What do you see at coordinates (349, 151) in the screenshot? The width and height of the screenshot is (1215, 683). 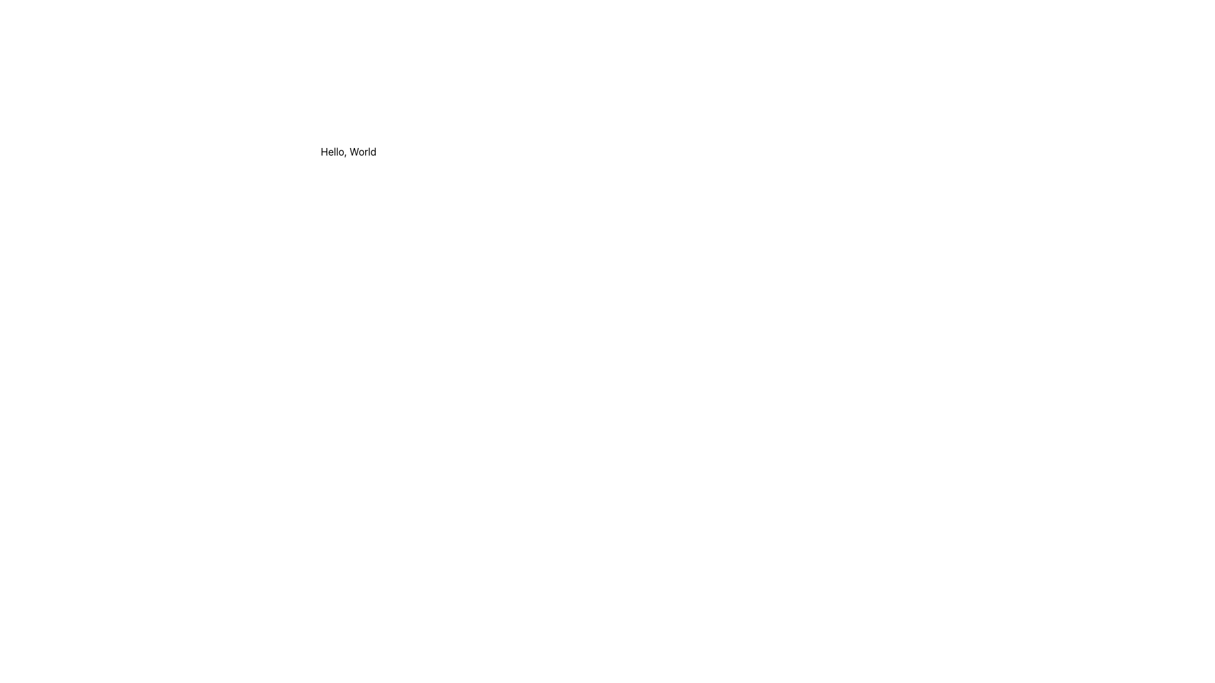 I see `the Text Label displaying 'Hello, World', which is styled in regular typography and positioned within a minimalist interface` at bounding box center [349, 151].